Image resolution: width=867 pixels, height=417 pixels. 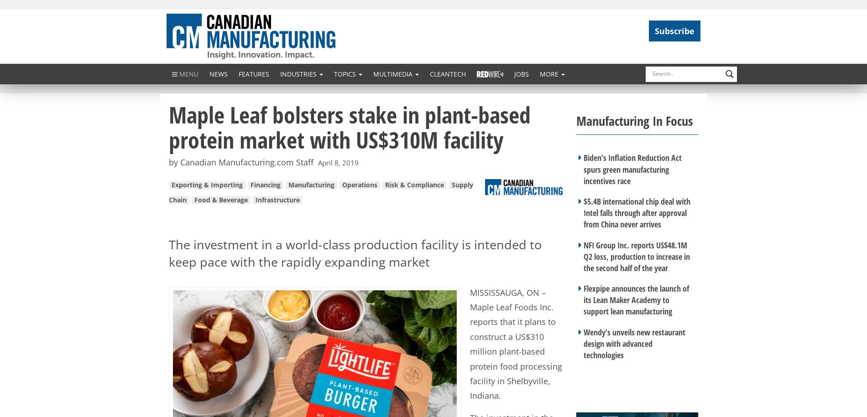 What do you see at coordinates (206, 184) in the screenshot?
I see `'Exporting & Importing'` at bounding box center [206, 184].